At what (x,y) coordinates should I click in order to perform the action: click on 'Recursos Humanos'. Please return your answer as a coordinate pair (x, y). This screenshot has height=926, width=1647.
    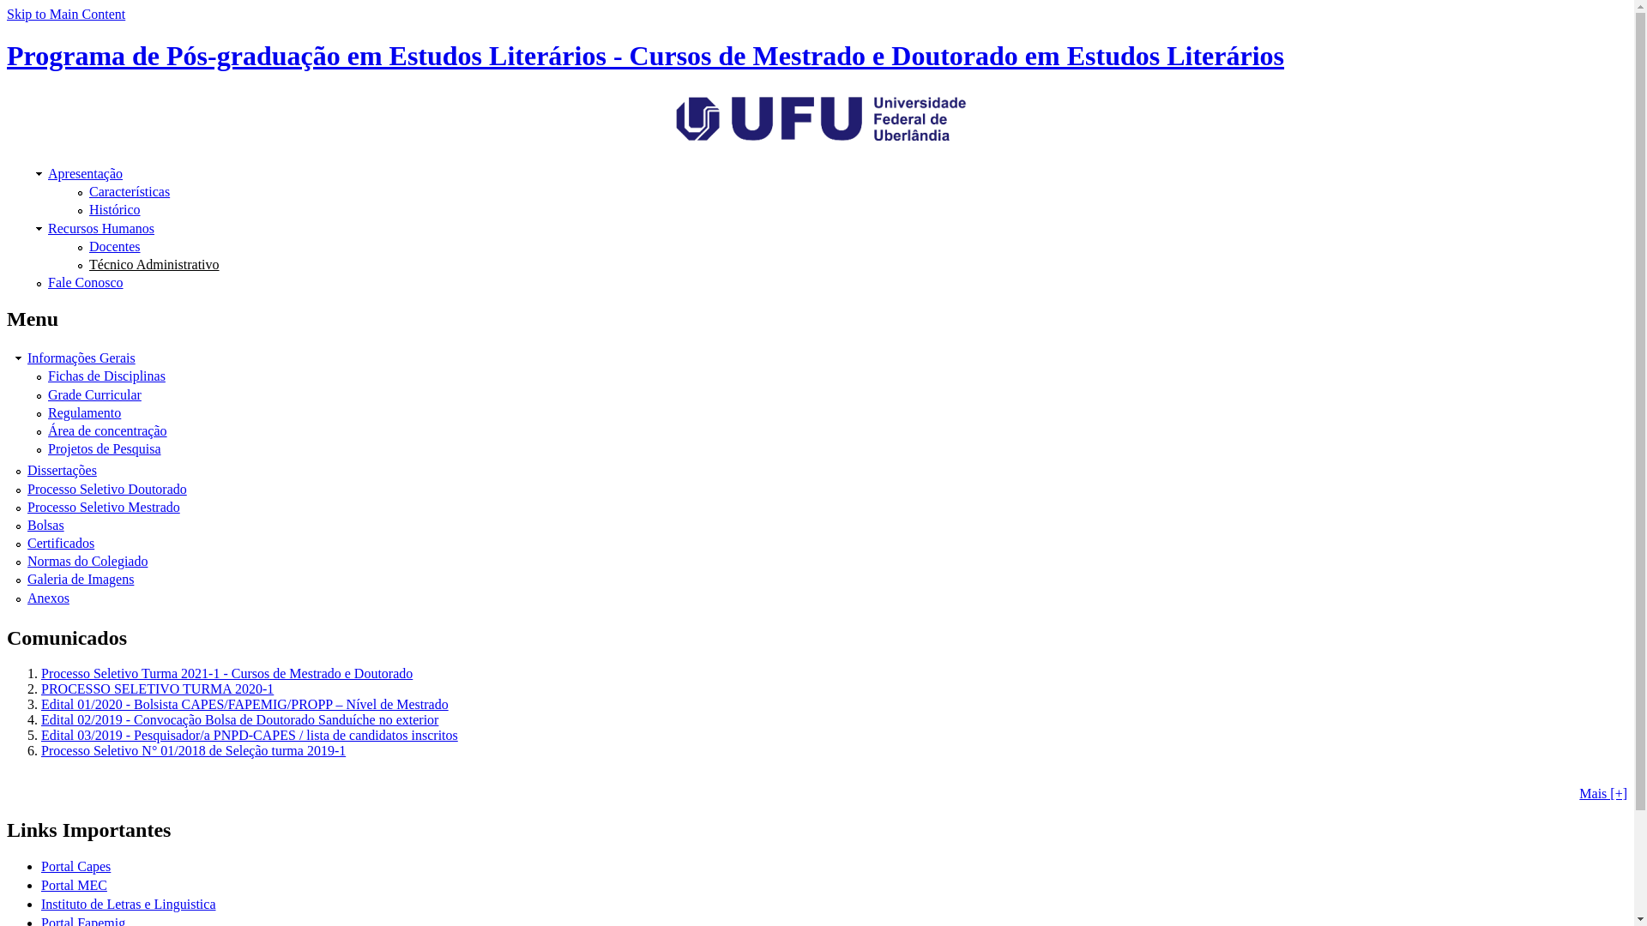
    Looking at the image, I should click on (100, 227).